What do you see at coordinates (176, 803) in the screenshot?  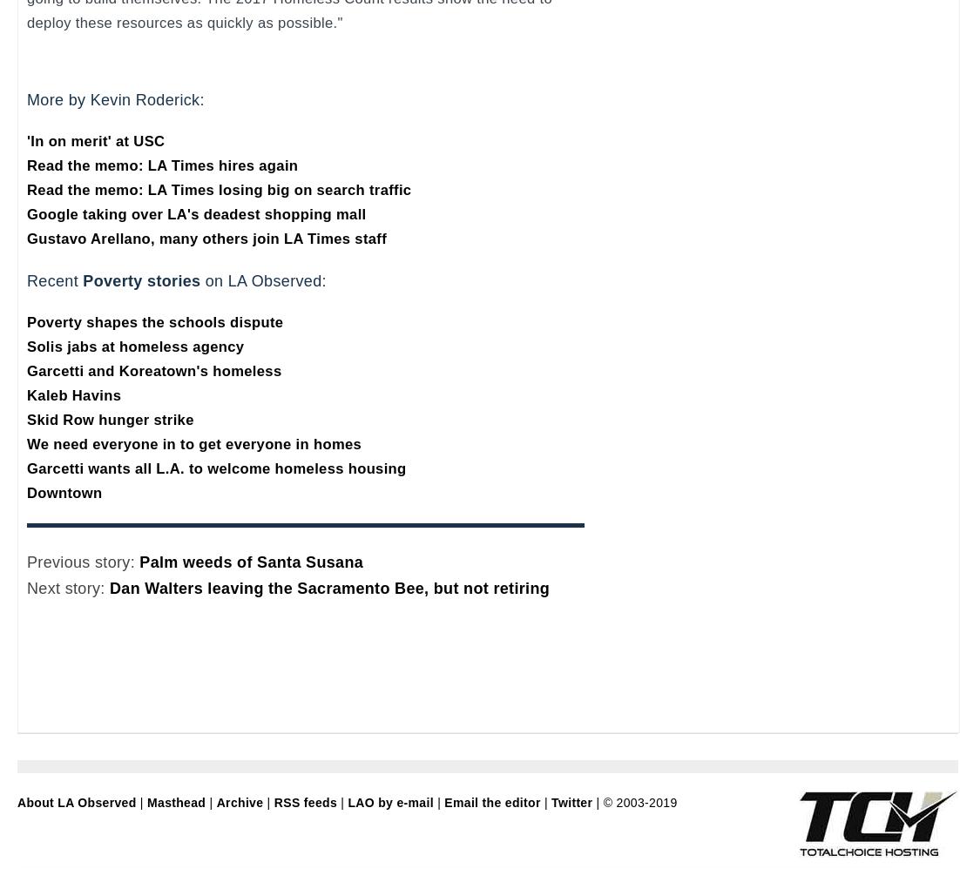 I see `'Masthead'` at bounding box center [176, 803].